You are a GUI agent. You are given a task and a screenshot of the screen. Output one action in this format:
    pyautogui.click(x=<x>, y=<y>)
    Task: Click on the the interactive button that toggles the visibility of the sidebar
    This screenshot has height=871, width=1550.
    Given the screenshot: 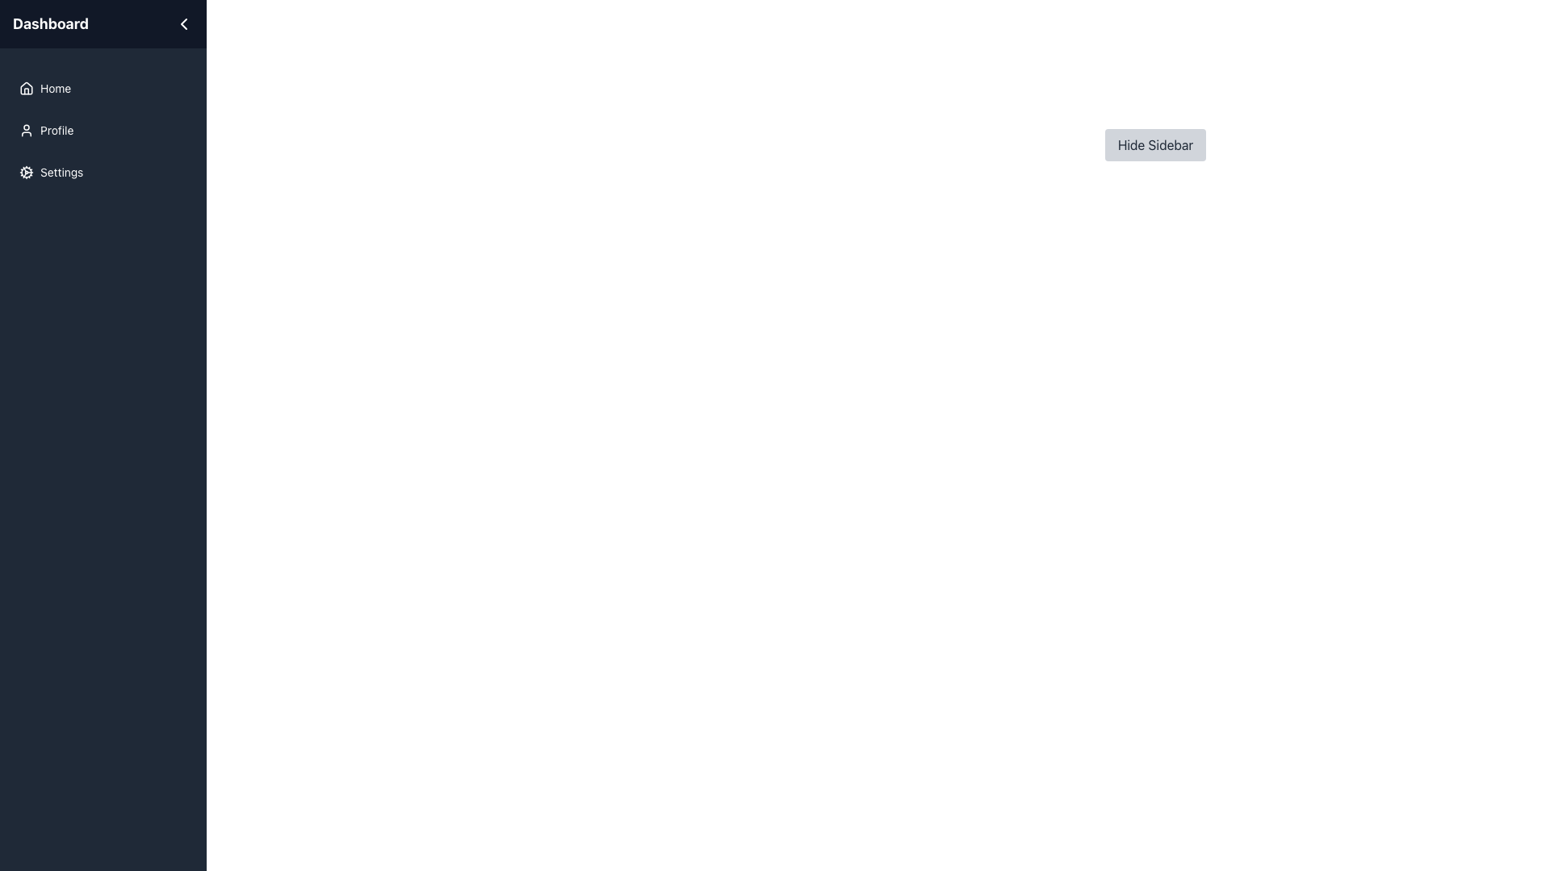 What is the action you would take?
    pyautogui.click(x=1154, y=145)
    